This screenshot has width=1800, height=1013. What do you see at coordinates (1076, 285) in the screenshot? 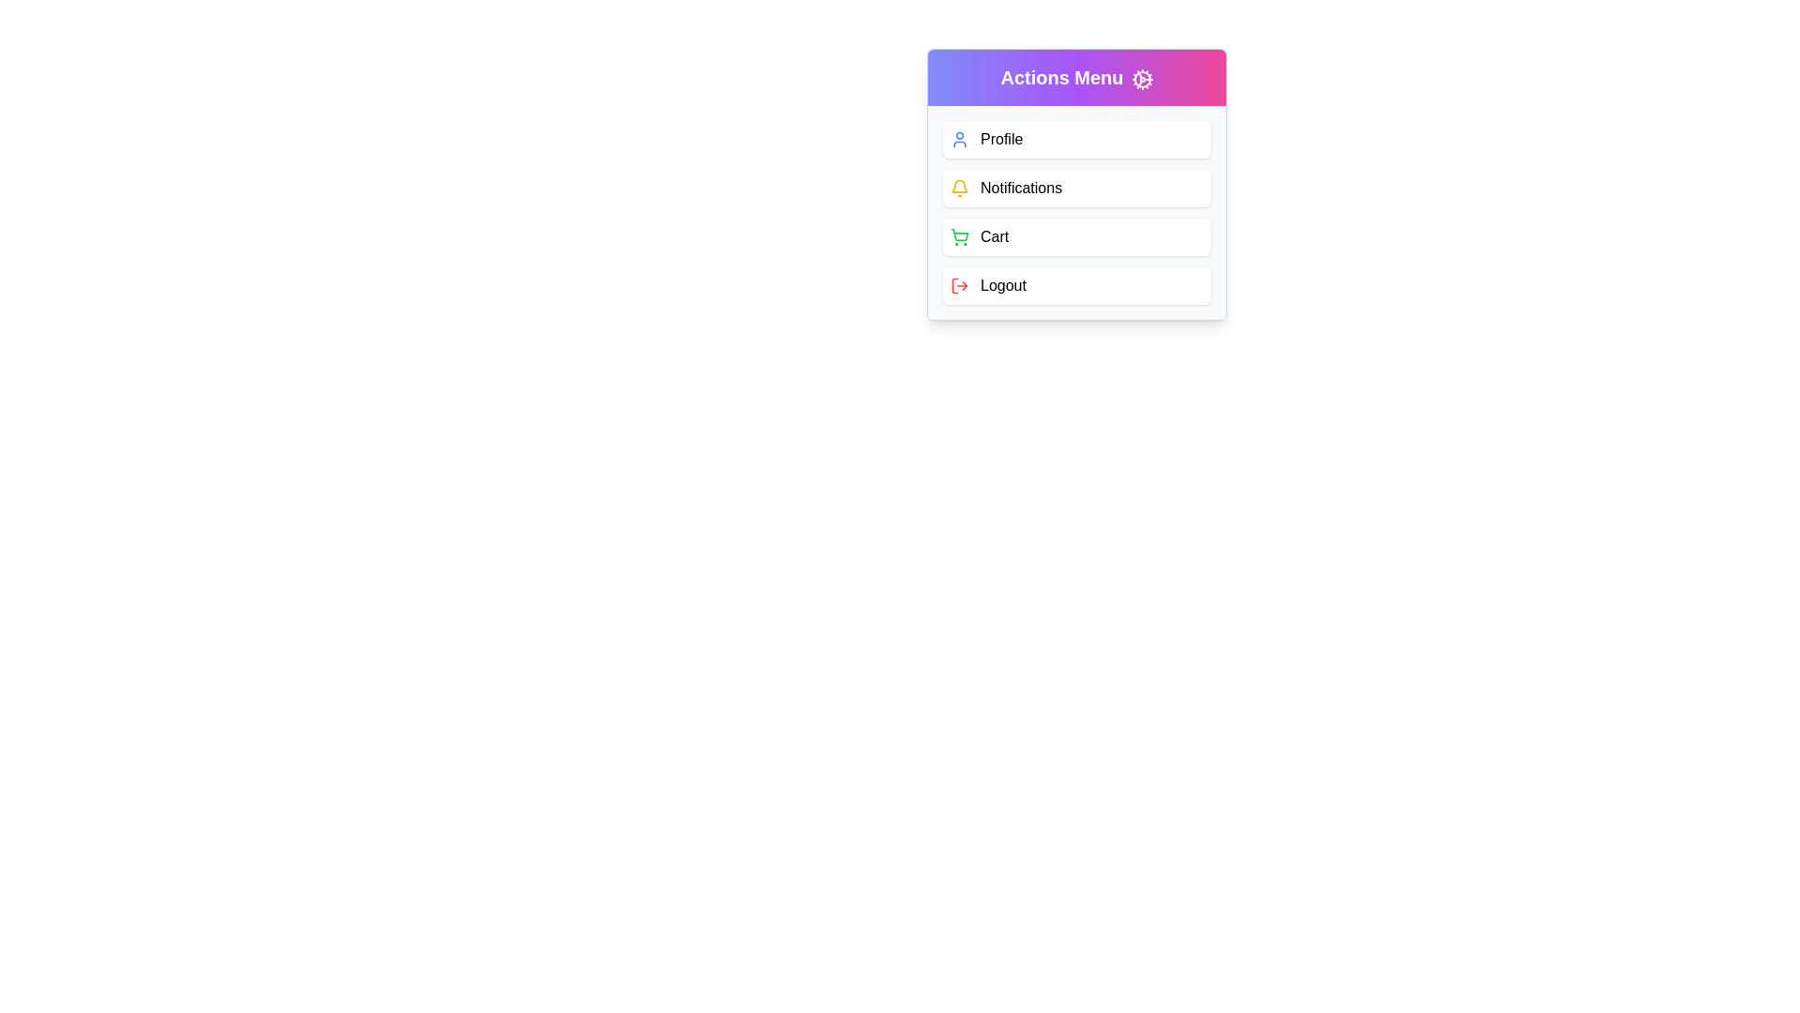
I see `the menu item Logout to observe its hover effect` at bounding box center [1076, 285].